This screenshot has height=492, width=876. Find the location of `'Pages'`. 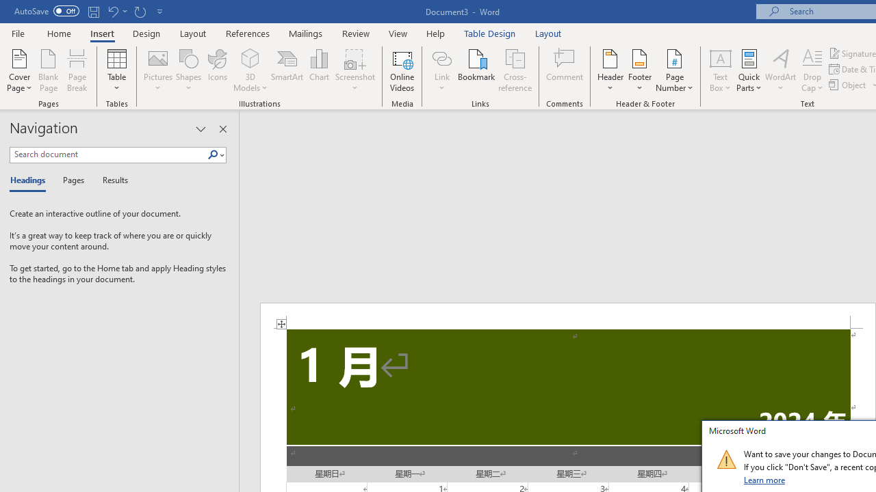

'Pages' is located at coordinates (71, 180).